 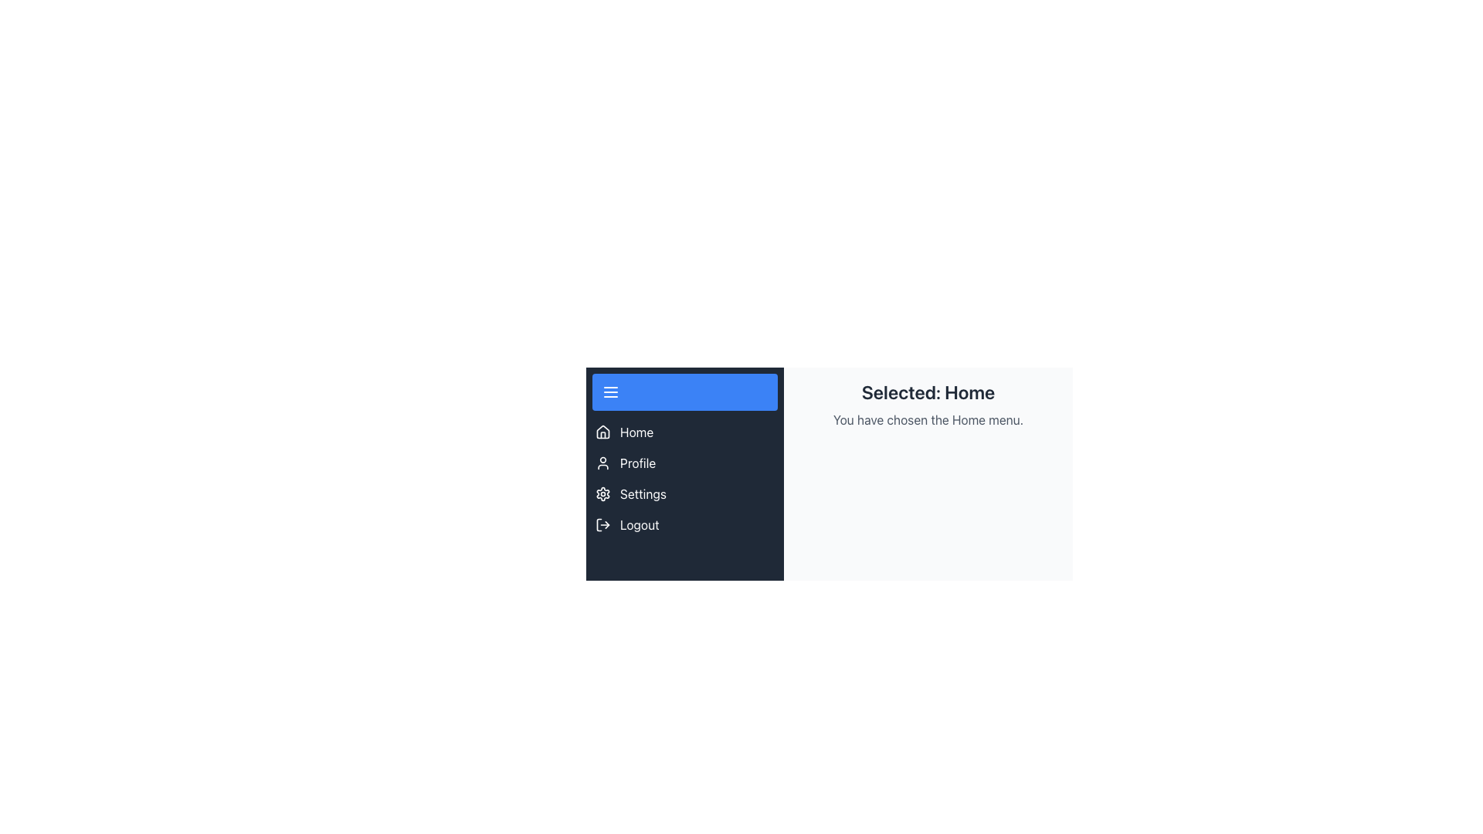 What do you see at coordinates (602, 494) in the screenshot?
I see `the gear icon, which symbolizes settings and is located to the left of the 'Settings' text in the vertical navigation menu, the third menu item in the list` at bounding box center [602, 494].